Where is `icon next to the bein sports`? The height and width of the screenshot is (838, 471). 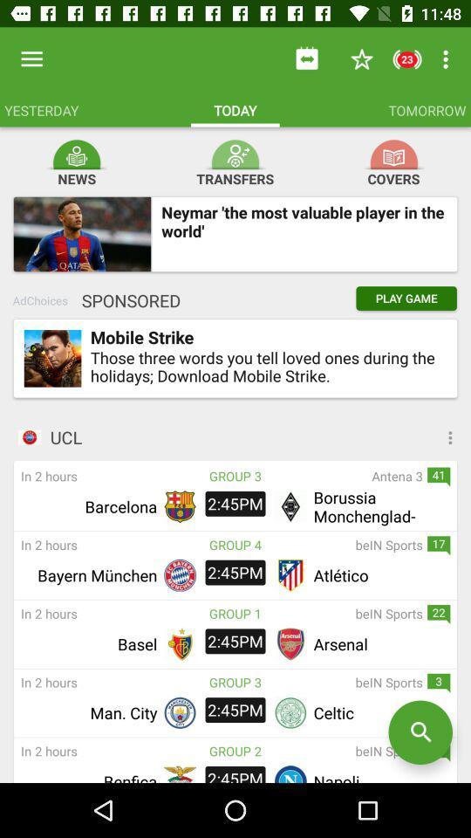 icon next to the bein sports is located at coordinates (235, 750).